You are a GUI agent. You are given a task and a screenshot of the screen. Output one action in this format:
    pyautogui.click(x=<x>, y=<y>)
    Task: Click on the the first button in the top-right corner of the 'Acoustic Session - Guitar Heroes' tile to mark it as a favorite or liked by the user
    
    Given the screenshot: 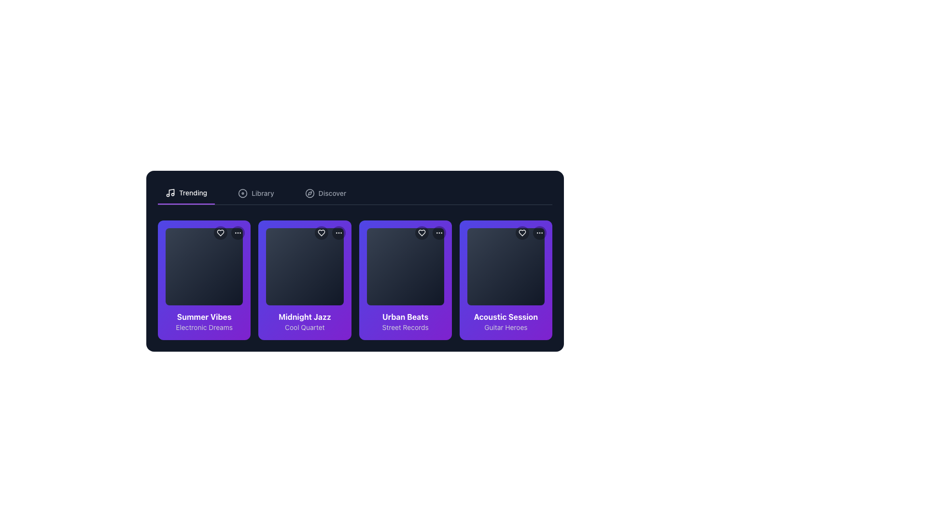 What is the action you would take?
    pyautogui.click(x=521, y=233)
    